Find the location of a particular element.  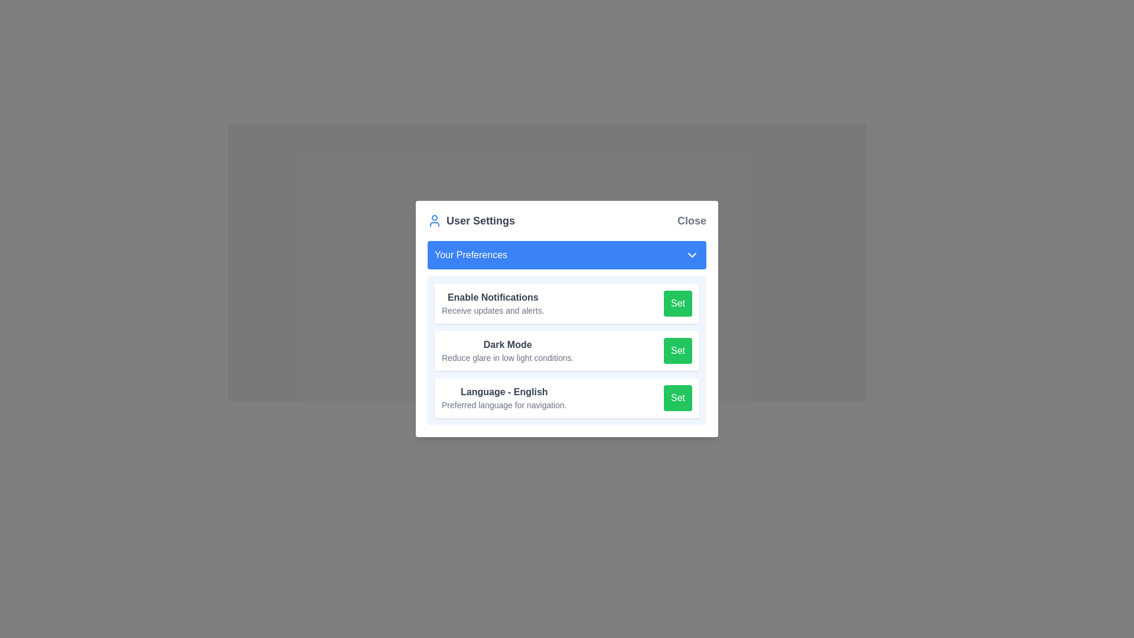

the first green button labeled 'Enable Notifications' is located at coordinates (677, 302).